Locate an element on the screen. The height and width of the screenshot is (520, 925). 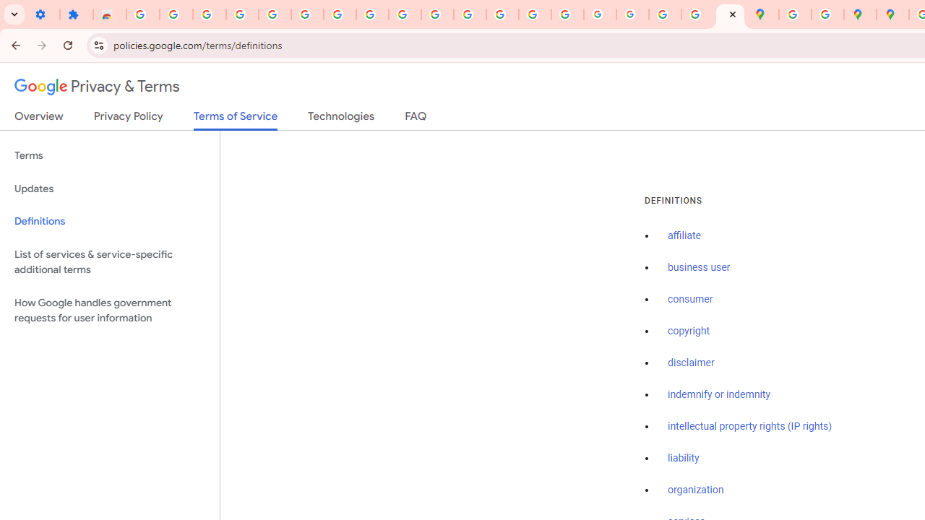
'Reviews: Helix Fruit Jump Arcade Game' is located at coordinates (109, 14).